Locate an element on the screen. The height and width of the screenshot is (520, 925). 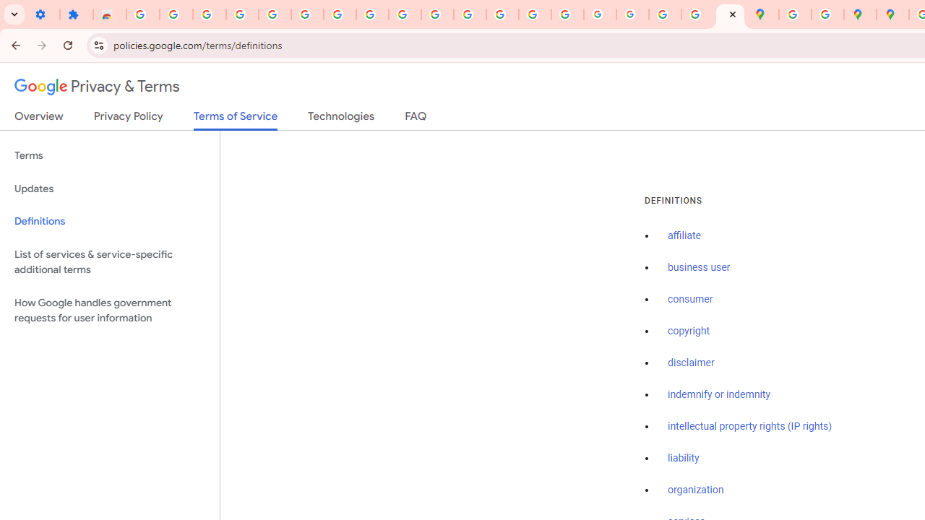
'Reviews: Helix Fruit Jump Arcade Game' is located at coordinates (109, 14).